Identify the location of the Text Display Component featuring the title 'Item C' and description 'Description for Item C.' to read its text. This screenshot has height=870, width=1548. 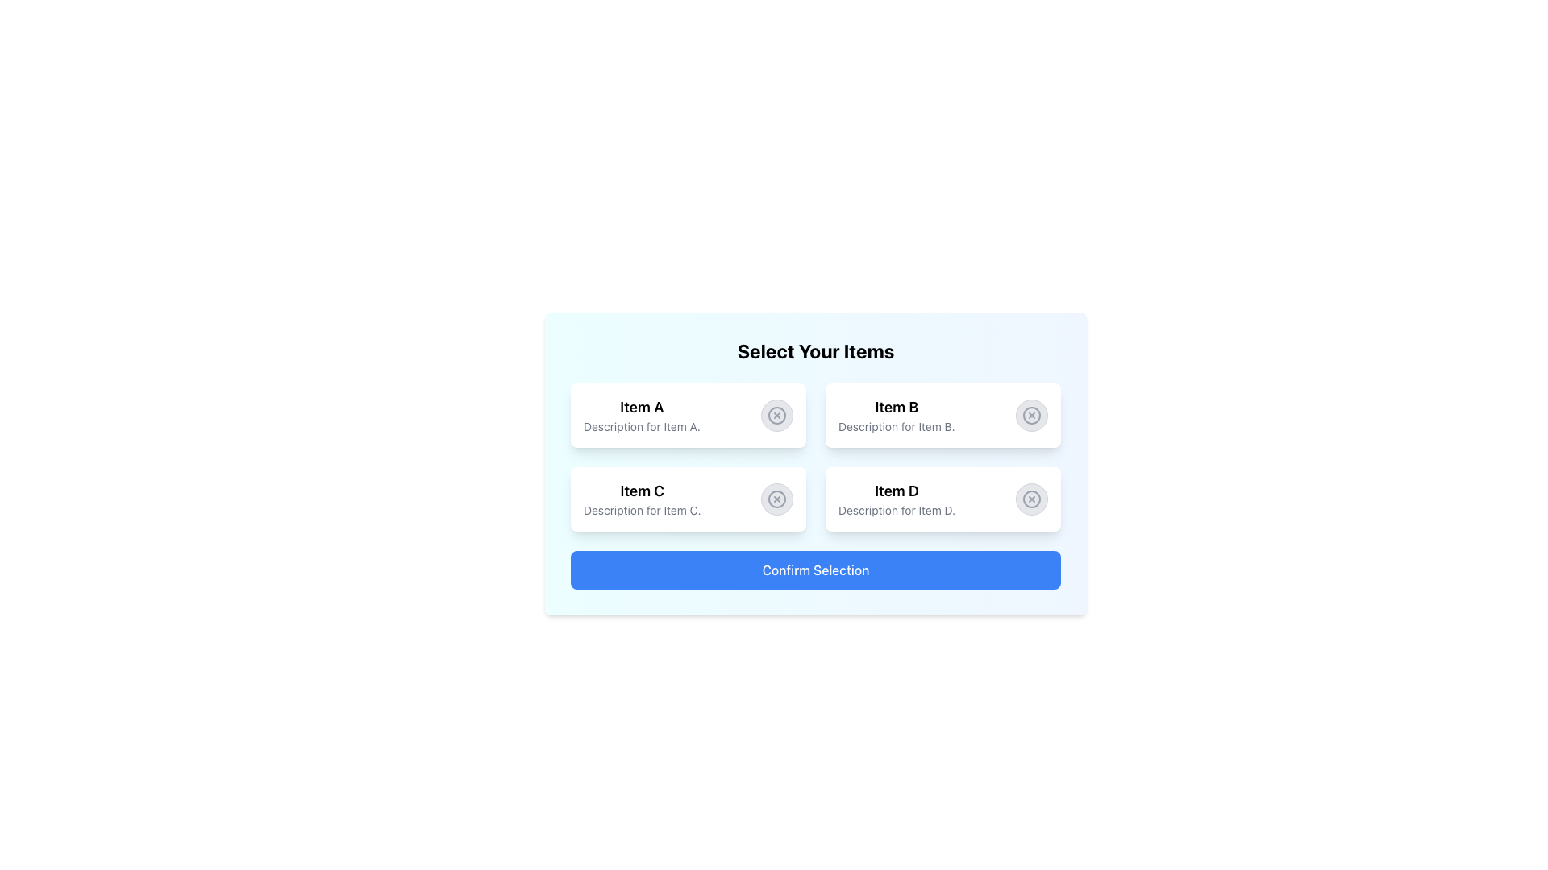
(641, 499).